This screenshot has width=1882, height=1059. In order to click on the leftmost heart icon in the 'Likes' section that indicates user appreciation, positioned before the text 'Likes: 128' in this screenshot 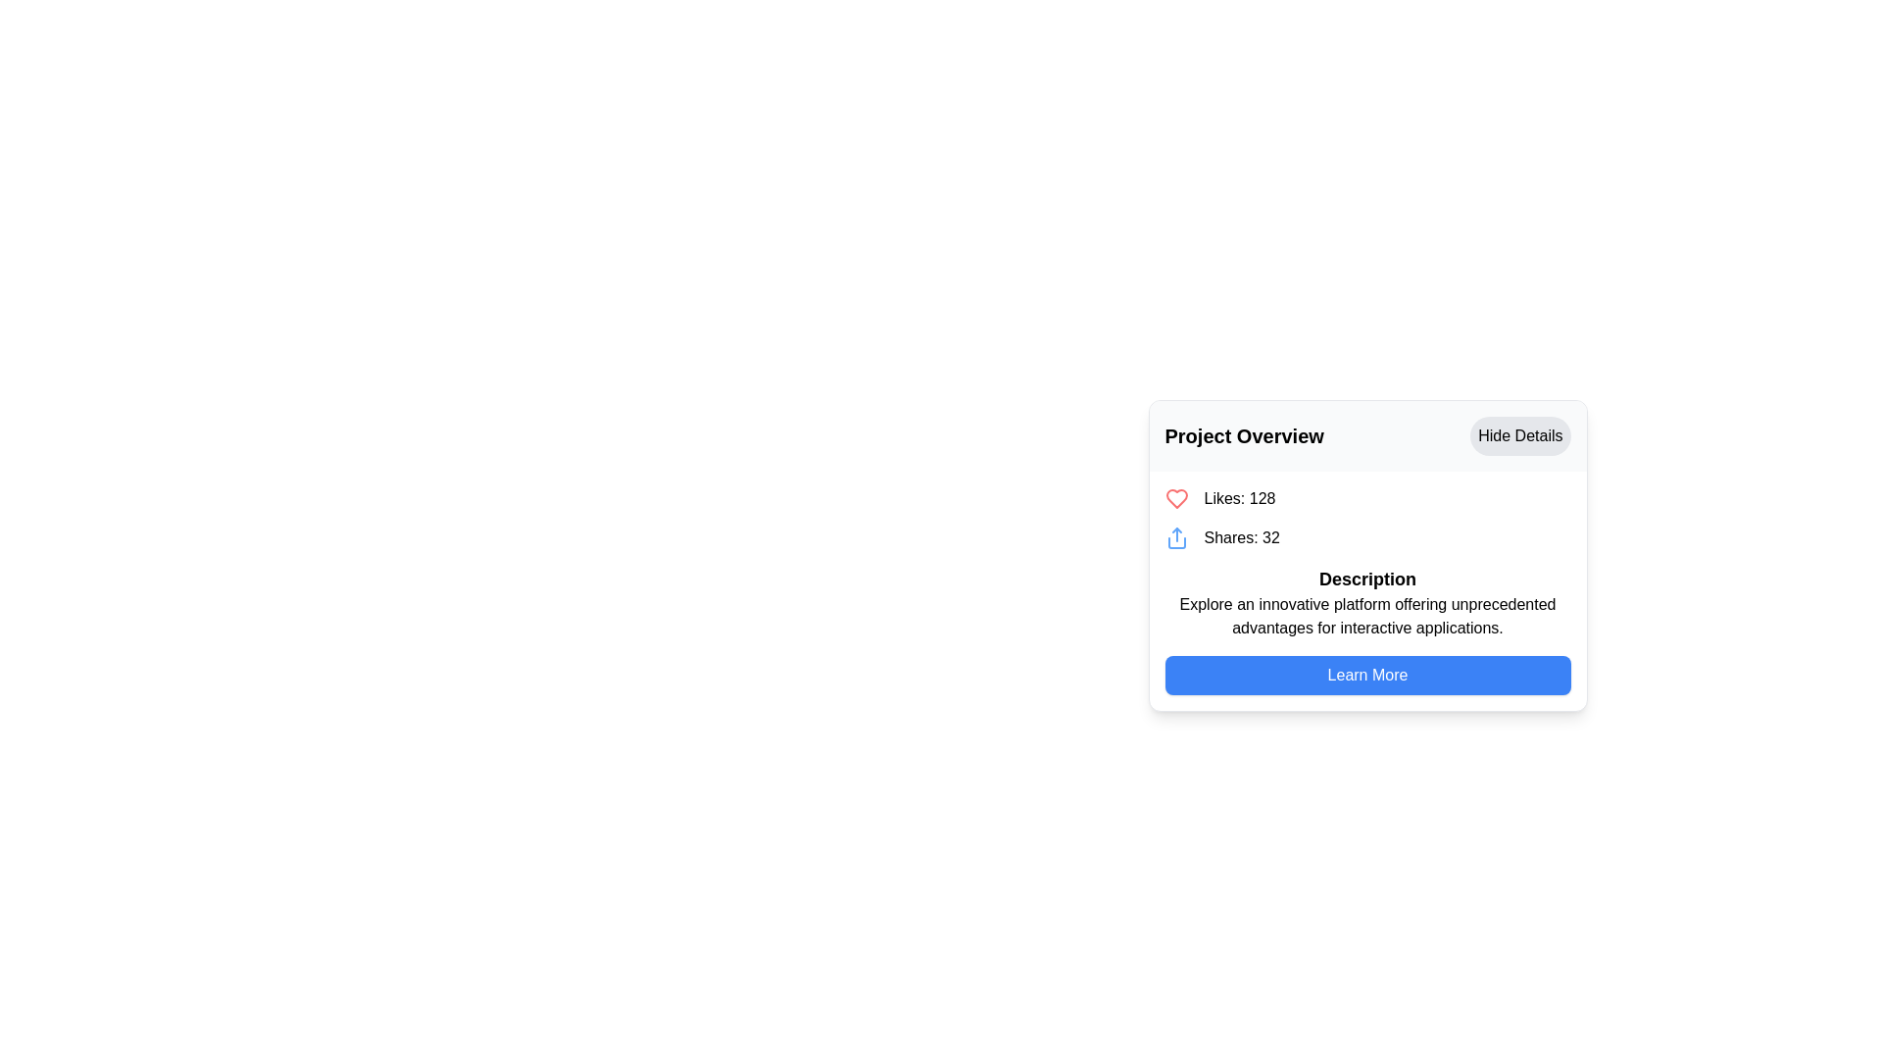, I will do `click(1176, 498)`.